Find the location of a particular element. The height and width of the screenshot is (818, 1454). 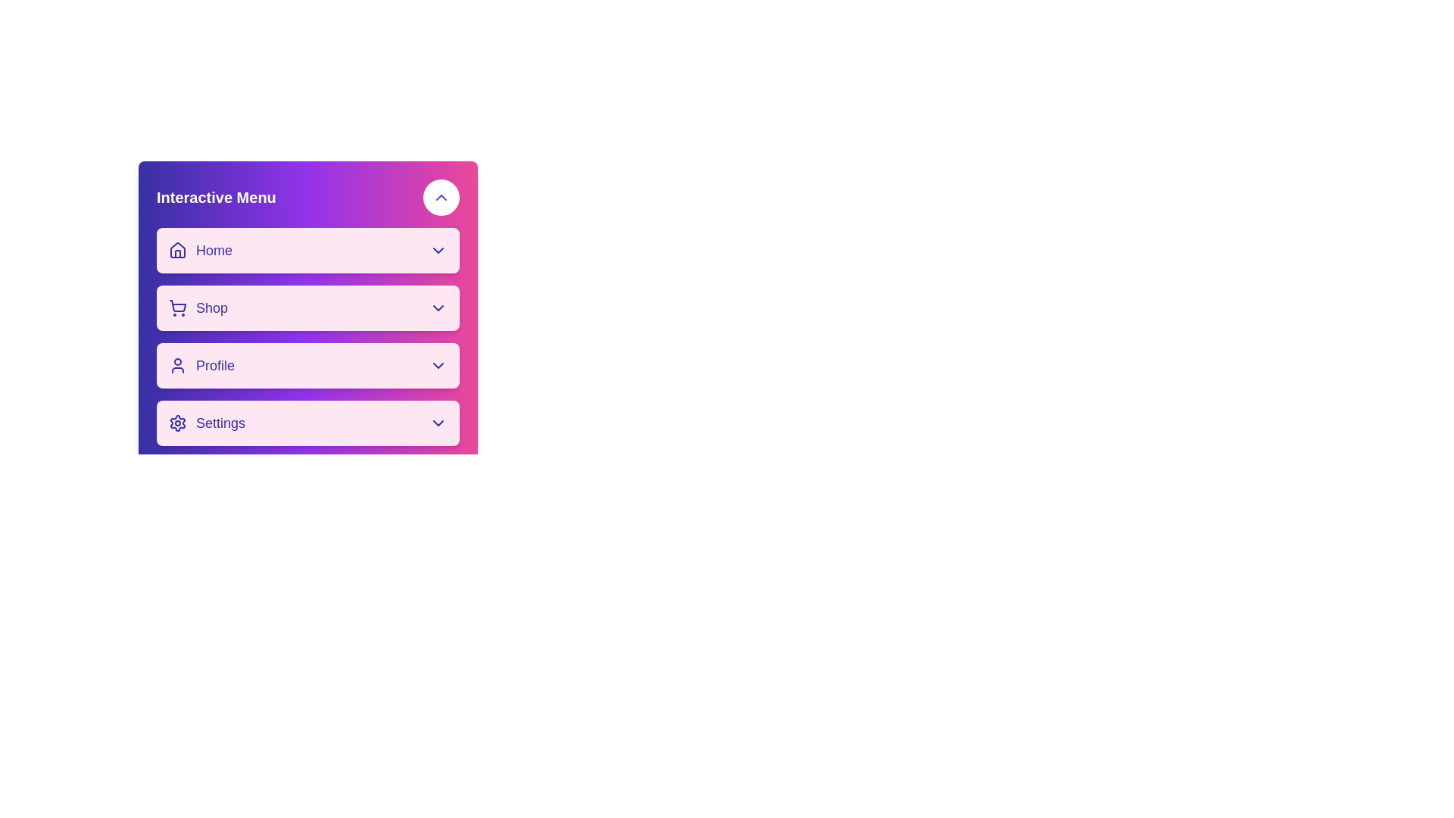

the 'Profile' button located in the sidebar menu, which is the third button in a vertical stack is located at coordinates (307, 365).